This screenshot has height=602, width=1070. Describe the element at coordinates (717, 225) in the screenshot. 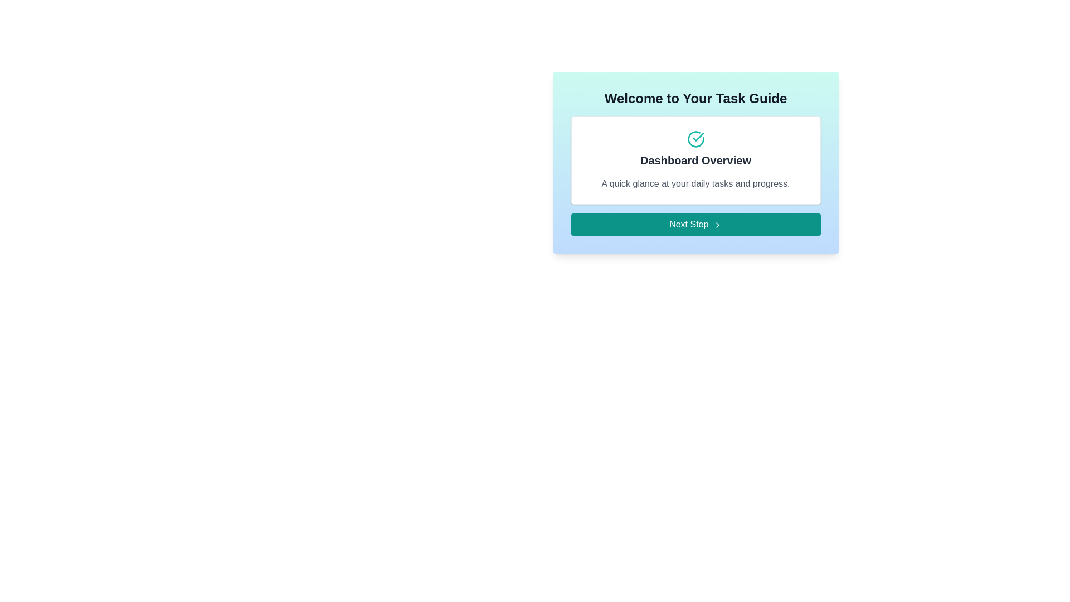

I see `the visual indicator icon located at the far right edge of the 'Next Step' button, which serves as a passive decorative element for navigation` at that location.